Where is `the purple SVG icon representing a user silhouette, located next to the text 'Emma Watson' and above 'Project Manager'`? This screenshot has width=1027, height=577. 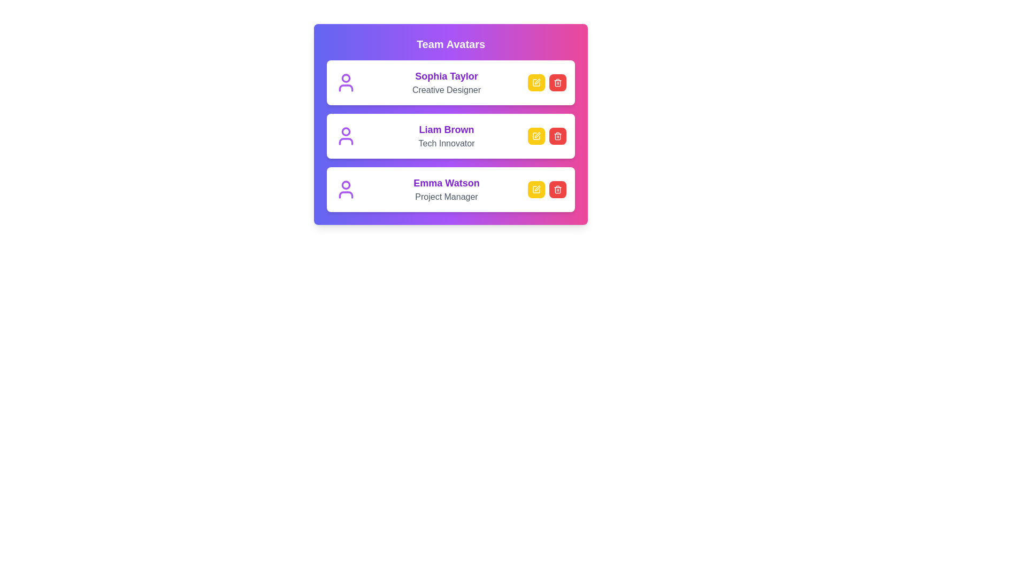 the purple SVG icon representing a user silhouette, located next to the text 'Emma Watson' and above 'Project Manager' is located at coordinates (346, 195).